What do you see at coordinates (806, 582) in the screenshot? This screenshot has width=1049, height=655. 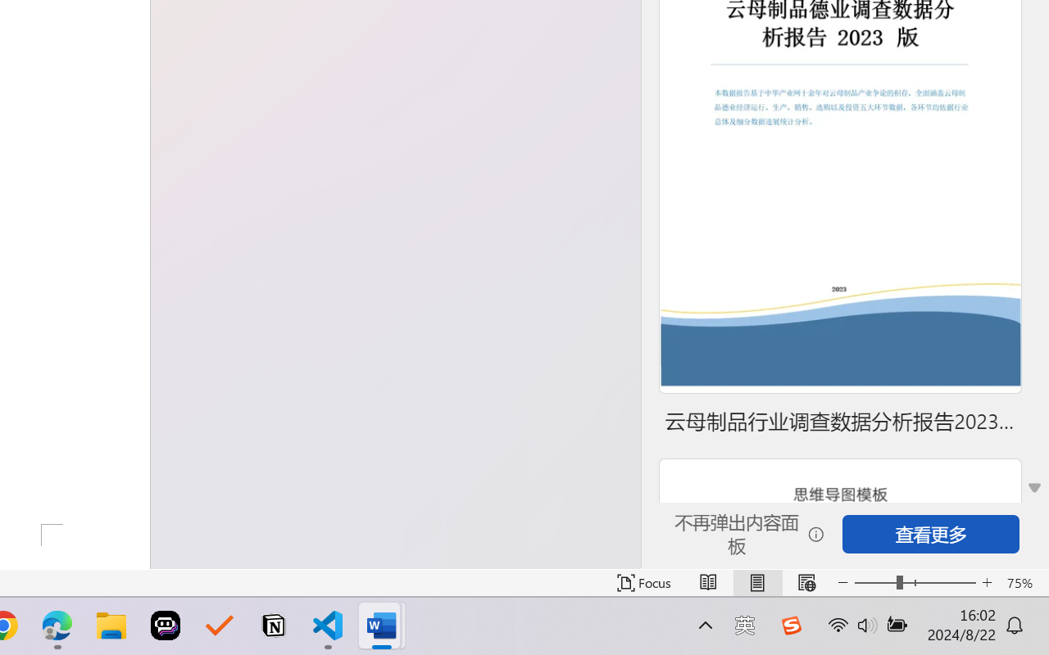 I see `'Web Layout'` at bounding box center [806, 582].